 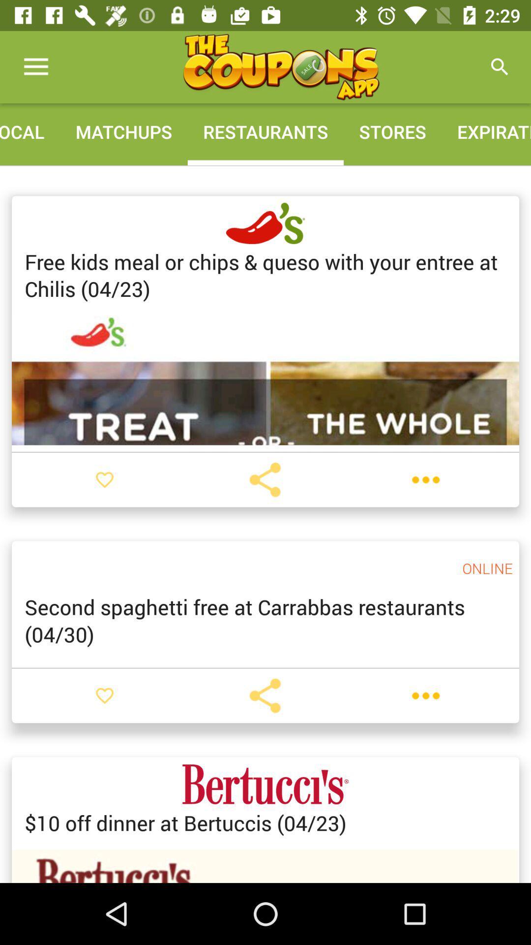 What do you see at coordinates (486, 131) in the screenshot?
I see `the expiration icon` at bounding box center [486, 131].